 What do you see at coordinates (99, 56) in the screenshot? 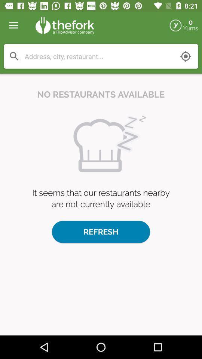
I see `search restaurant address` at bounding box center [99, 56].